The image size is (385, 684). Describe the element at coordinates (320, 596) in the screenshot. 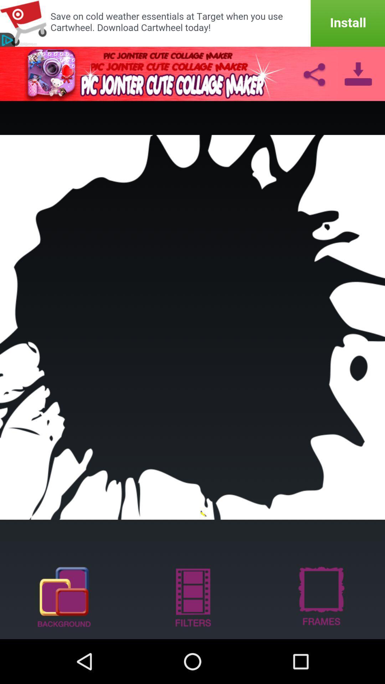

I see `frames menu` at that location.